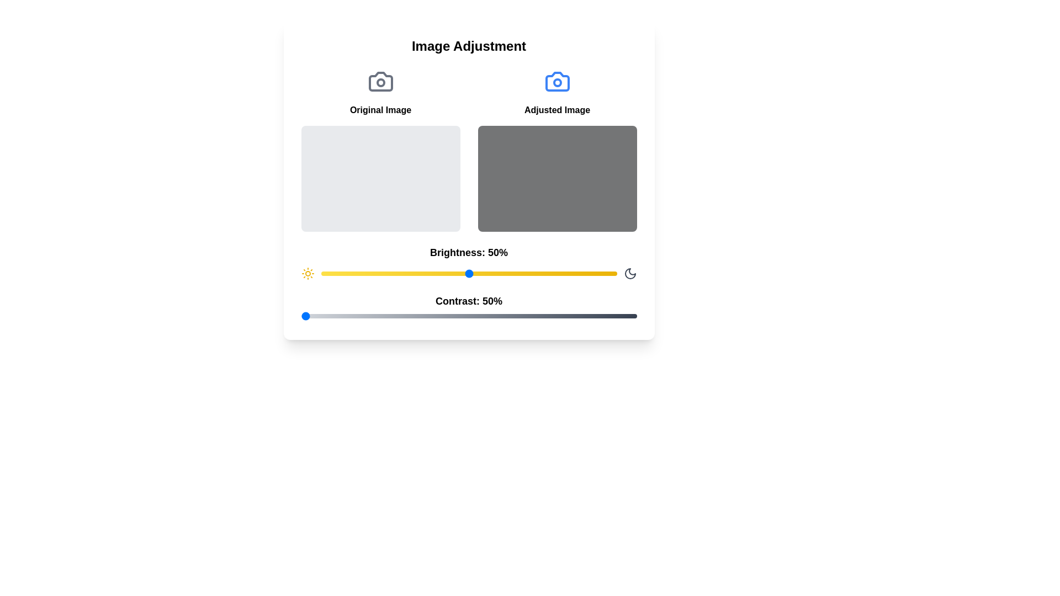 Image resolution: width=1060 pixels, height=596 pixels. Describe the element at coordinates (516, 273) in the screenshot. I see `the brightness` at that location.